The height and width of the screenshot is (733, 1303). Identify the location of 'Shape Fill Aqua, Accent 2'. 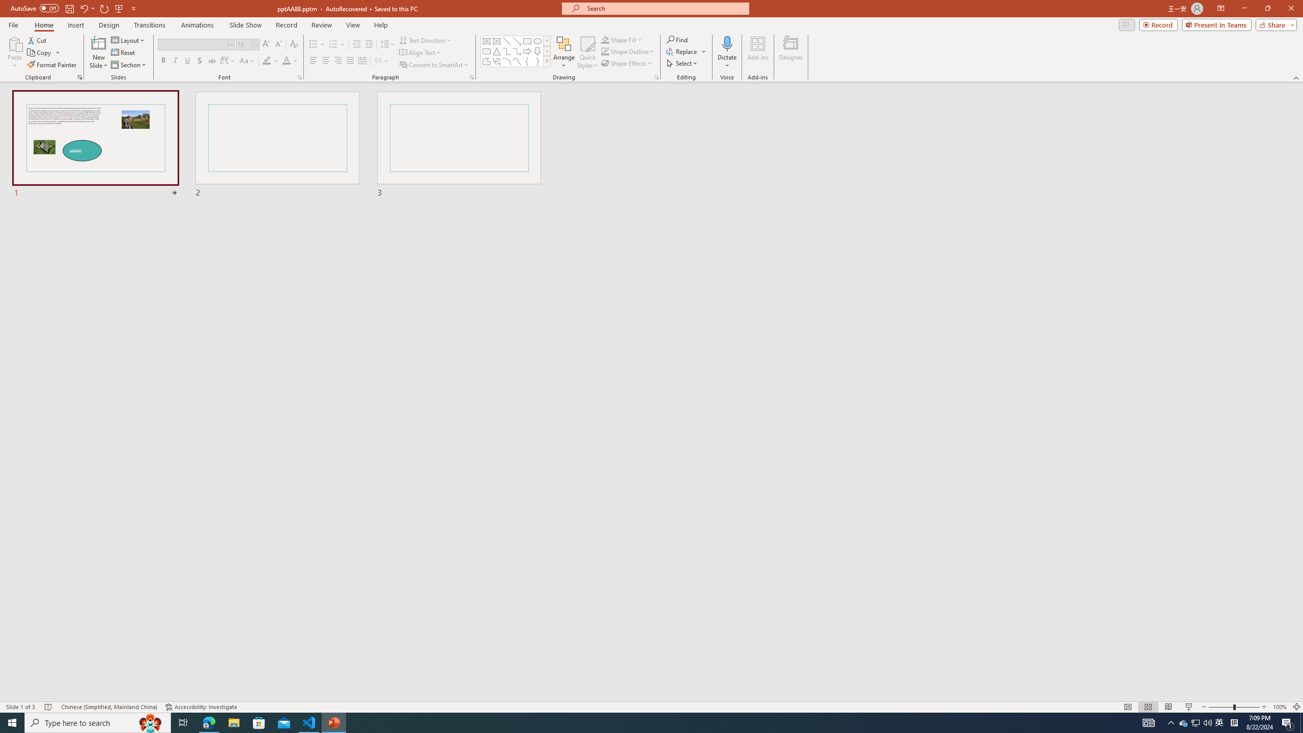
(605, 39).